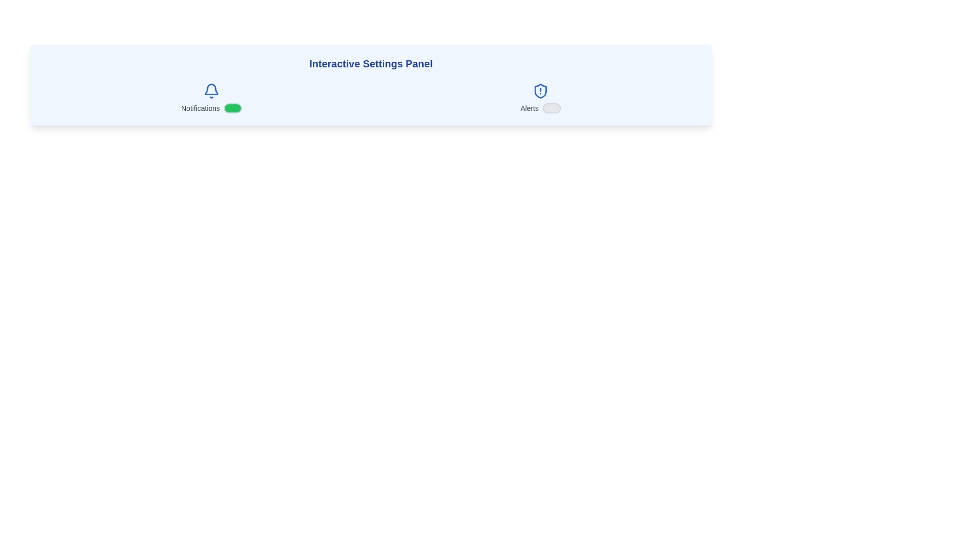 Image resolution: width=972 pixels, height=547 pixels. I want to click on the 'Notifications' switch to toggle its state, so click(232, 108).